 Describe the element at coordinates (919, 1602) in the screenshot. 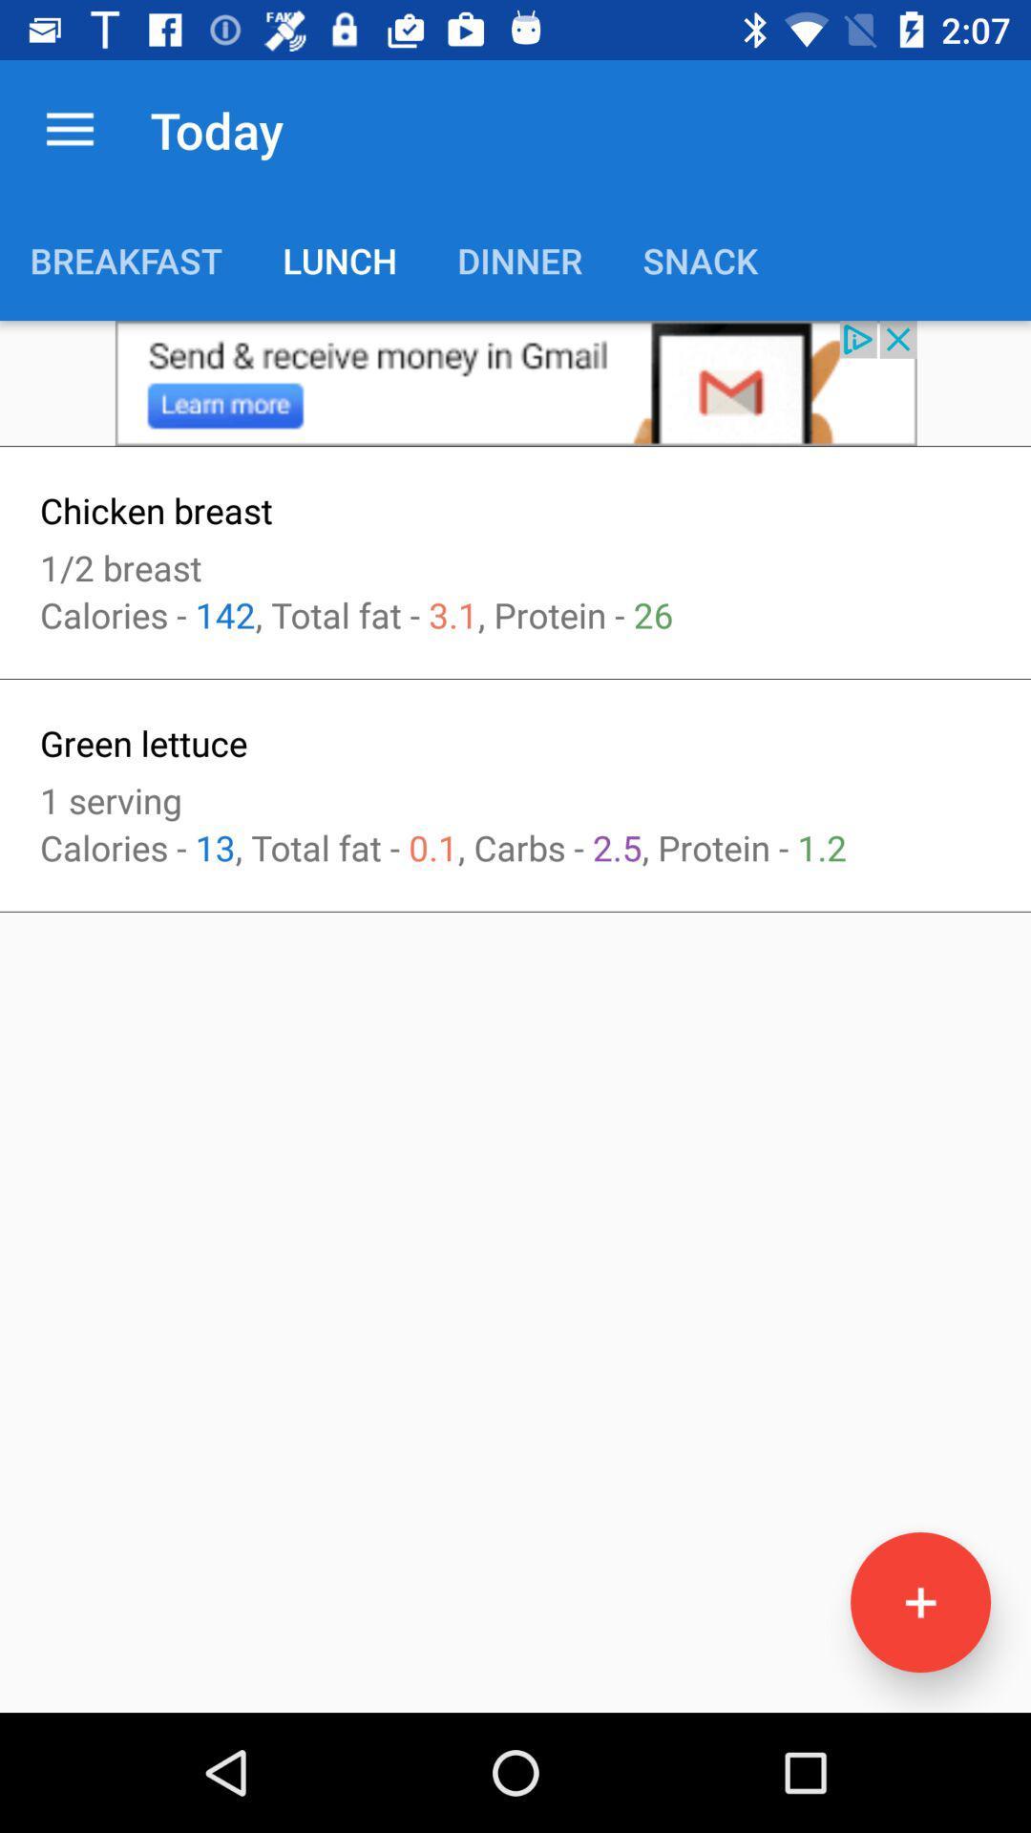

I see `food` at that location.